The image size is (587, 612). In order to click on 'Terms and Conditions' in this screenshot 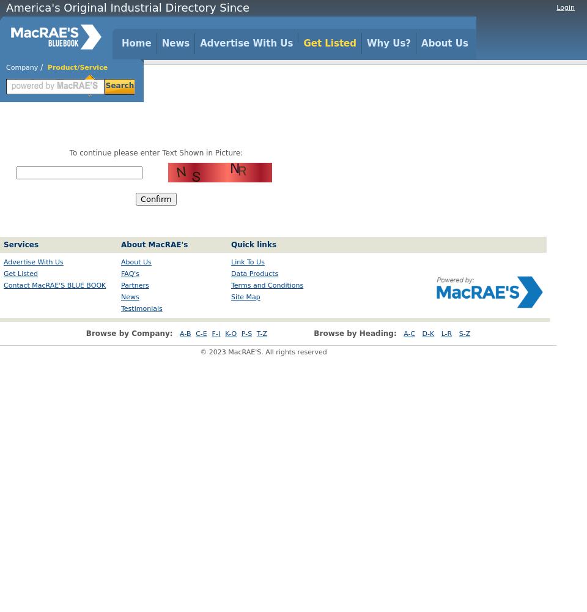, I will do `click(230, 285)`.